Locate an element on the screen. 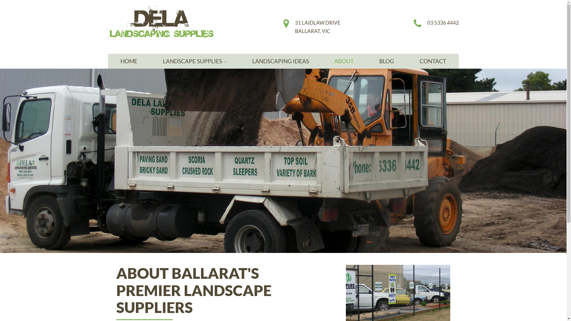 This screenshot has width=571, height=321. 'ABOUT' is located at coordinates (344, 61).